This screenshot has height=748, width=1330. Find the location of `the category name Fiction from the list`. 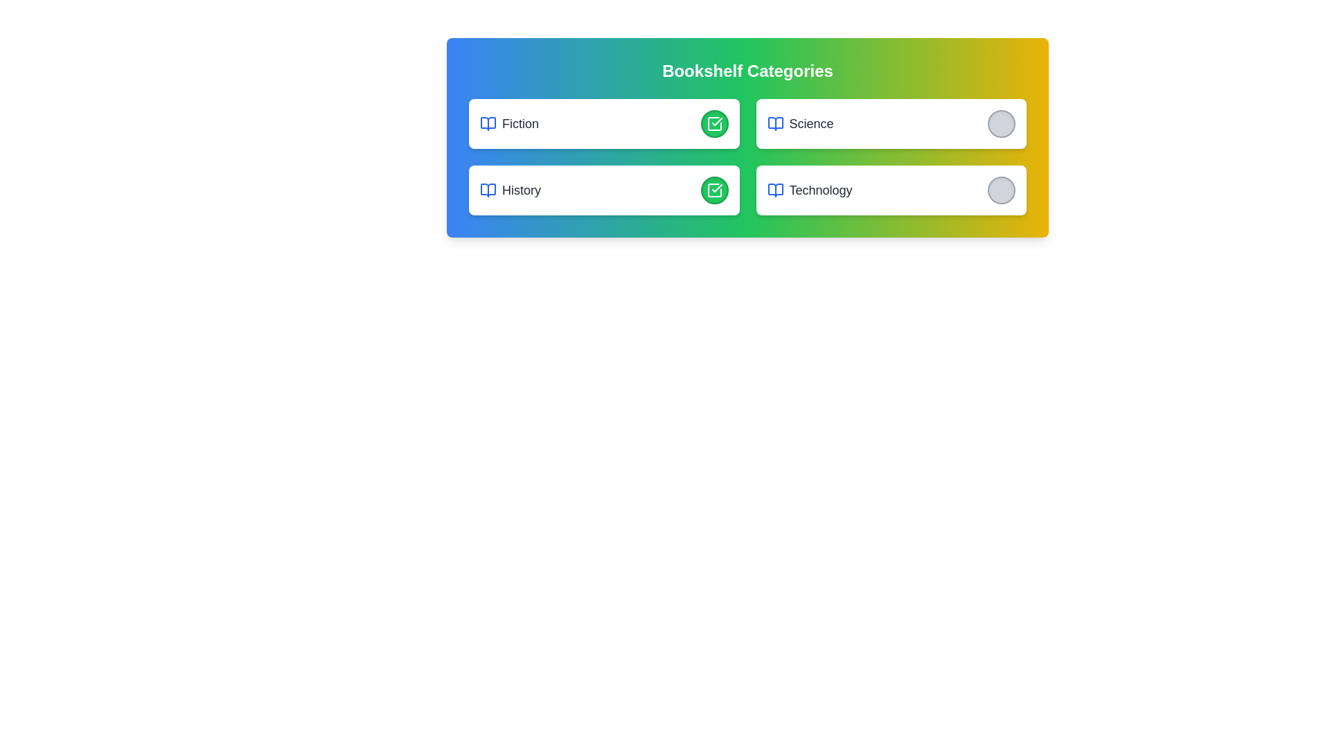

the category name Fiction from the list is located at coordinates (508, 123).